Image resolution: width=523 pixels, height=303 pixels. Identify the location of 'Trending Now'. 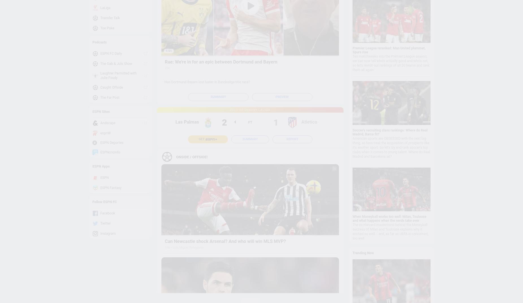
(363, 252).